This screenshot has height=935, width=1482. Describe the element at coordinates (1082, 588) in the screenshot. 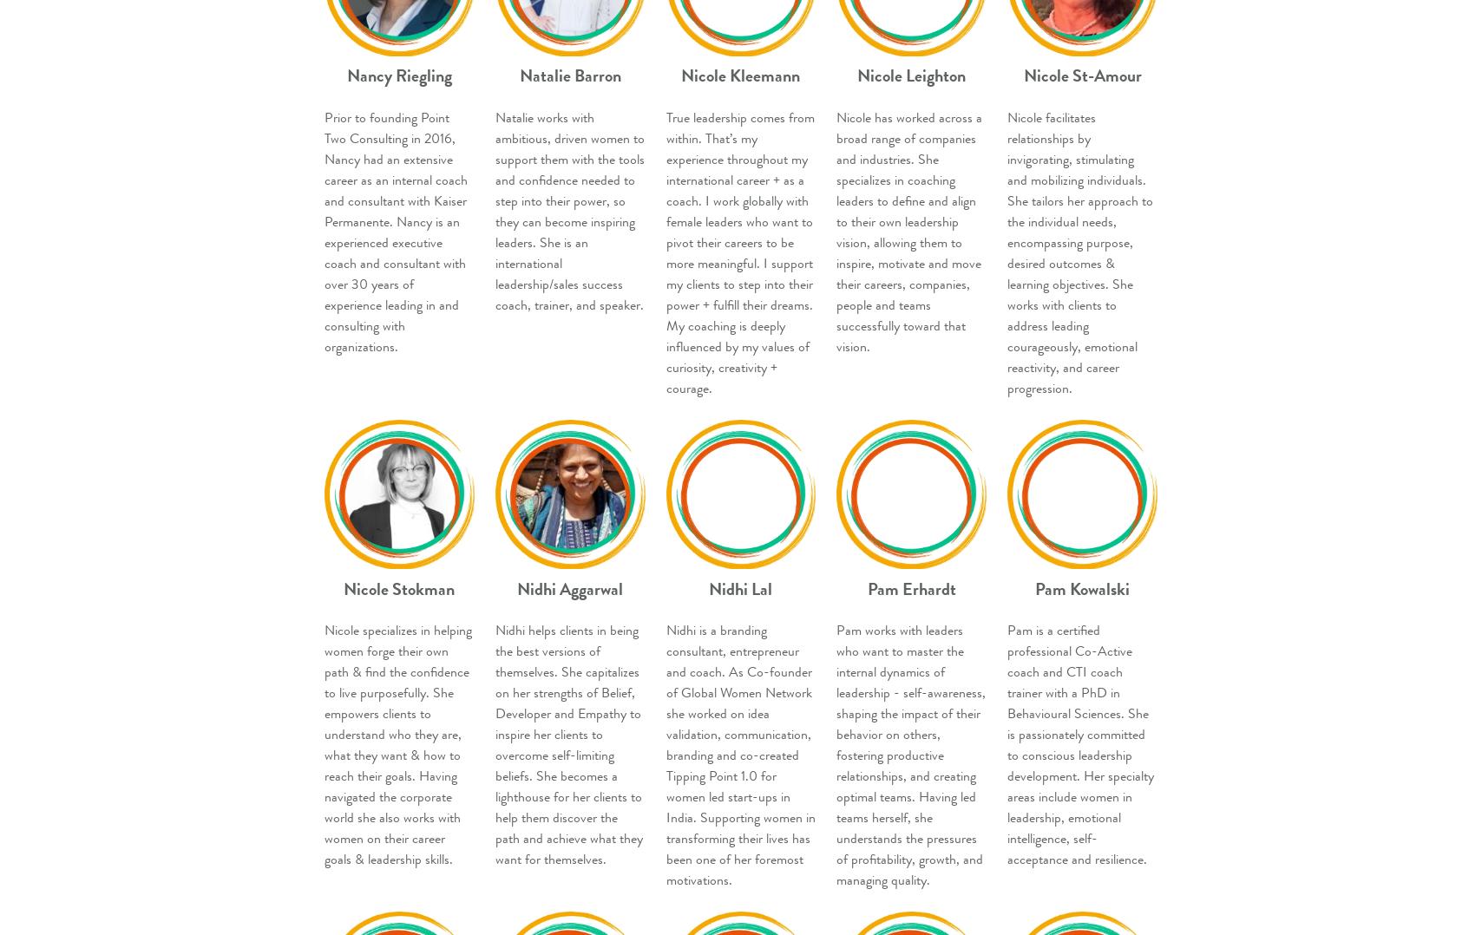

I see `'Pam Kowalski'` at that location.